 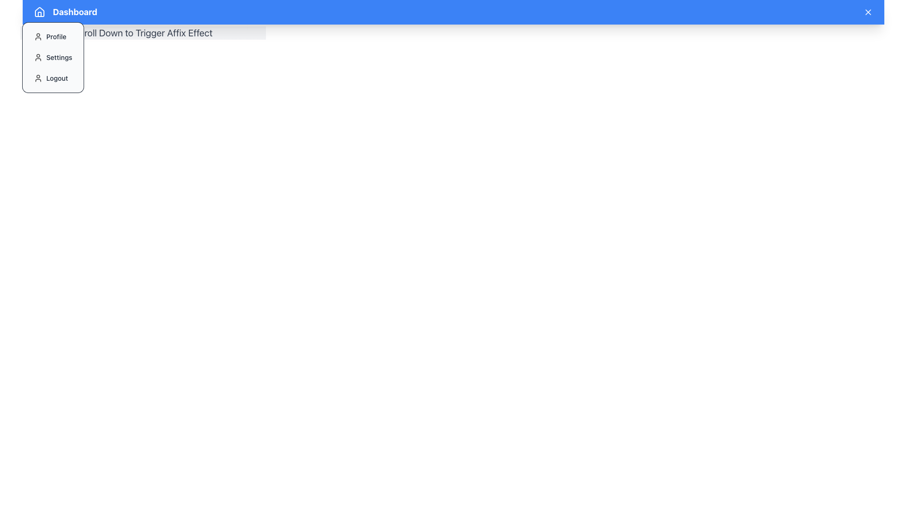 I want to click on the close button located on the far right side of the top header bar, which is positioned after the title 'Dashboard', so click(x=868, y=12).